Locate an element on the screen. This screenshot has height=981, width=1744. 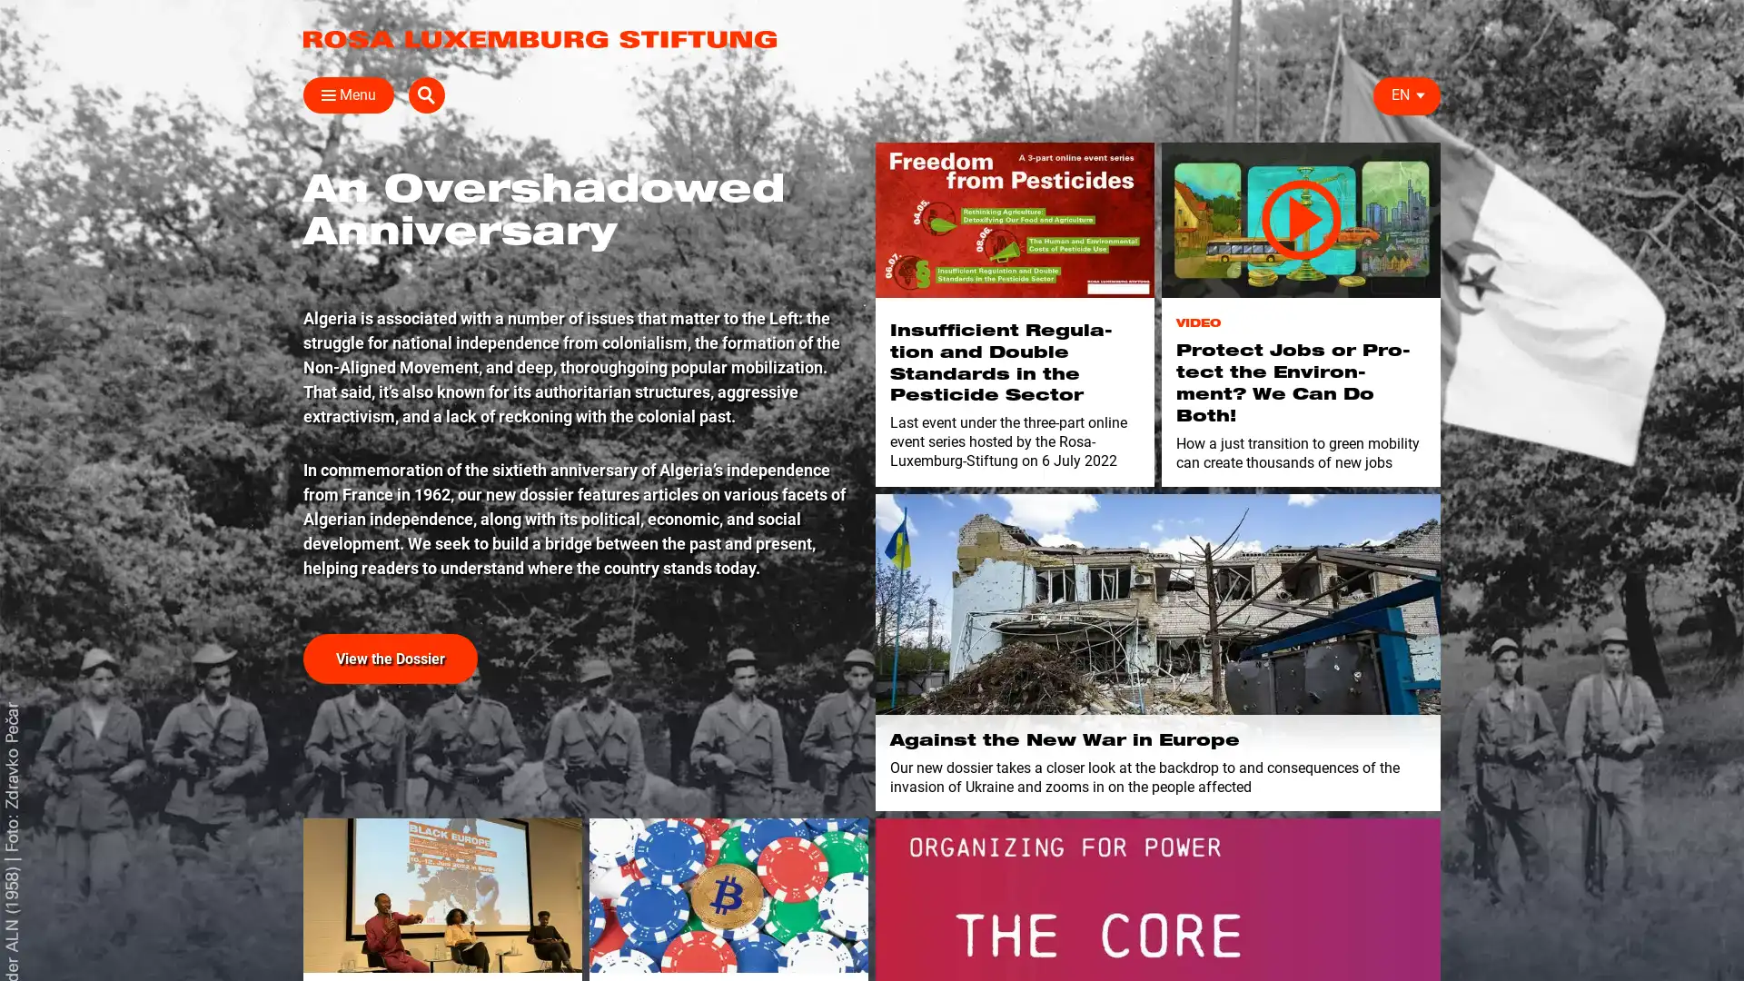
Show more / less is located at coordinates (579, 300).